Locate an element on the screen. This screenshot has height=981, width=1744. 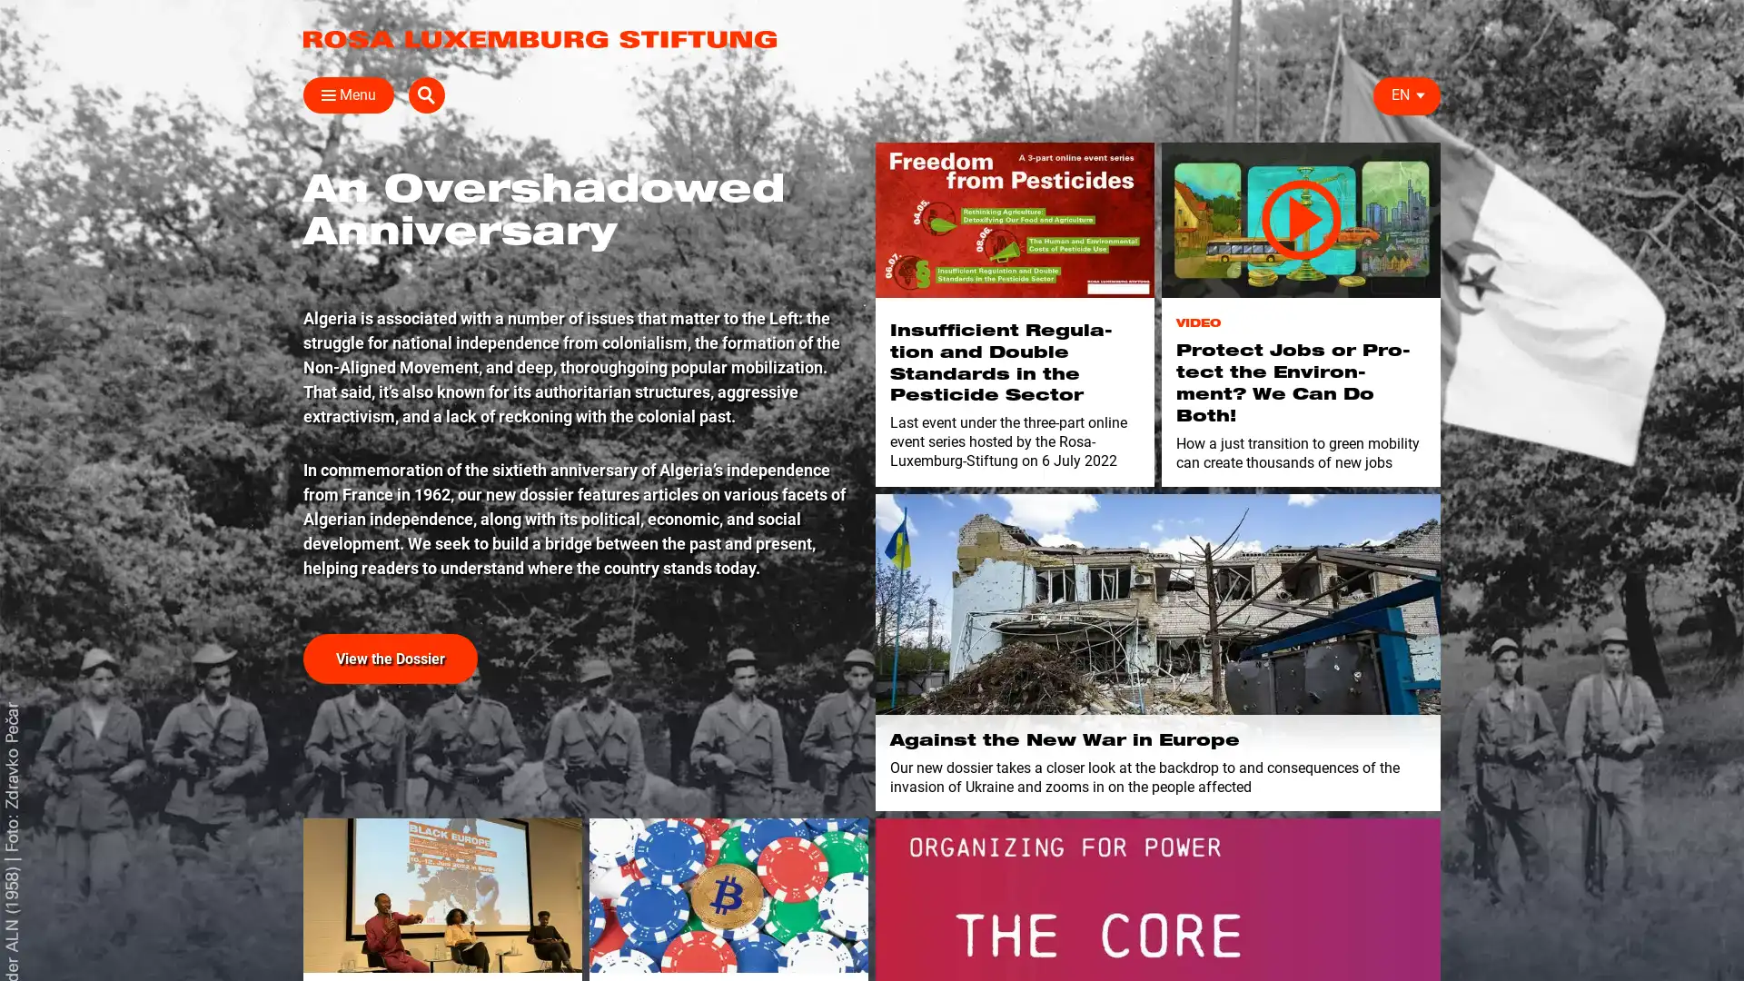
Show more / less is located at coordinates (579, 300).